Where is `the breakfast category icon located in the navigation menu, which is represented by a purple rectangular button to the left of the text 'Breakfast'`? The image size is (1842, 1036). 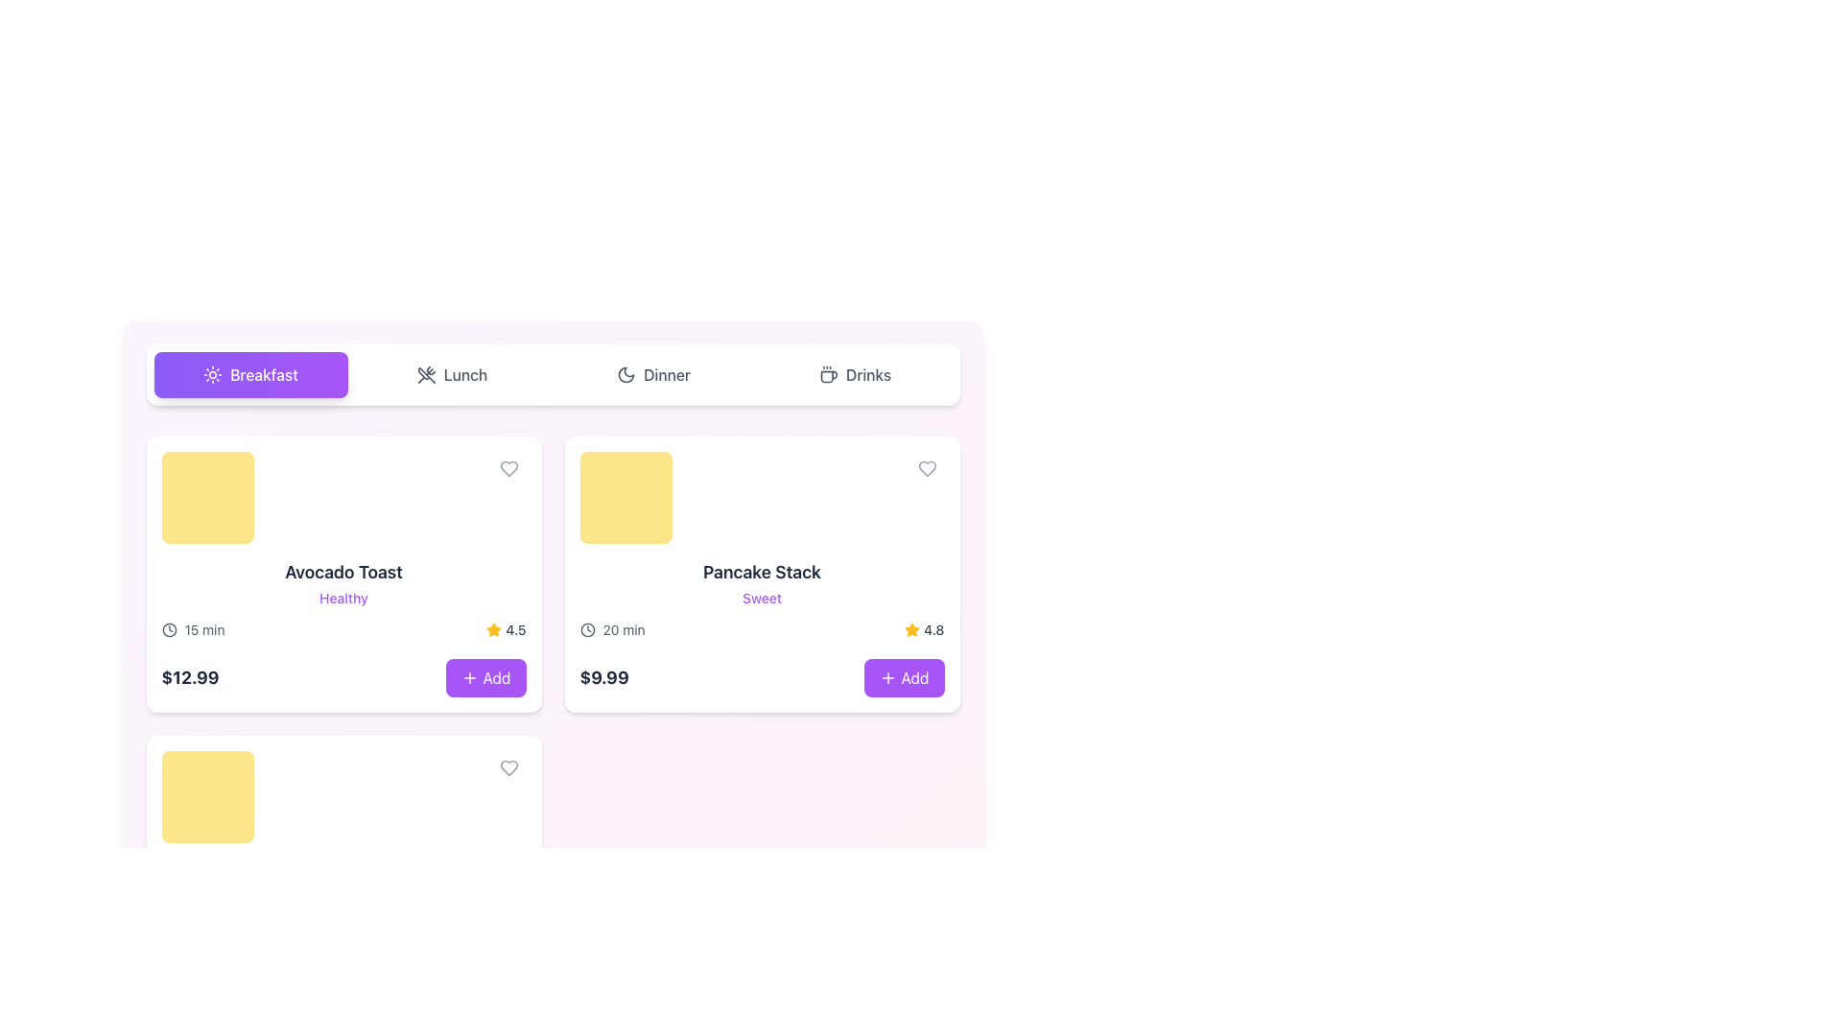
the breakfast category icon located in the navigation menu, which is represented by a purple rectangular button to the left of the text 'Breakfast' is located at coordinates (213, 374).